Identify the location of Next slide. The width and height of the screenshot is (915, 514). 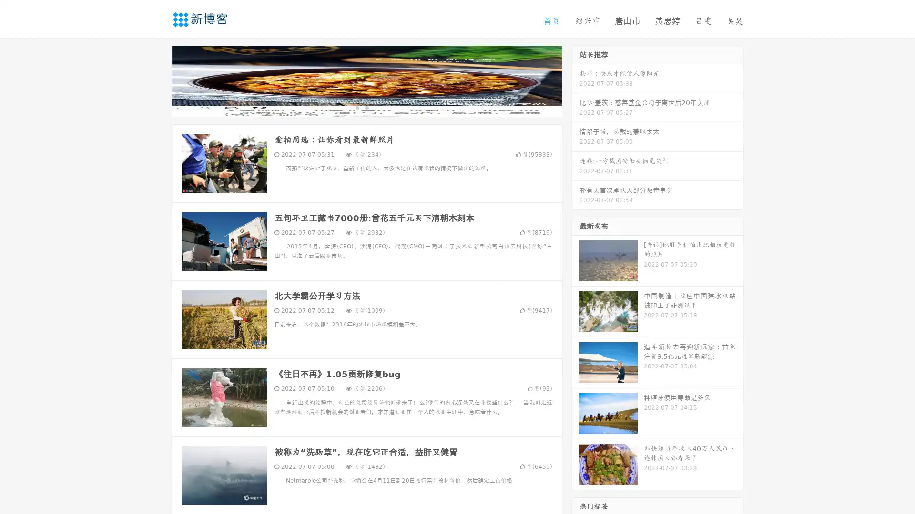
(576, 80).